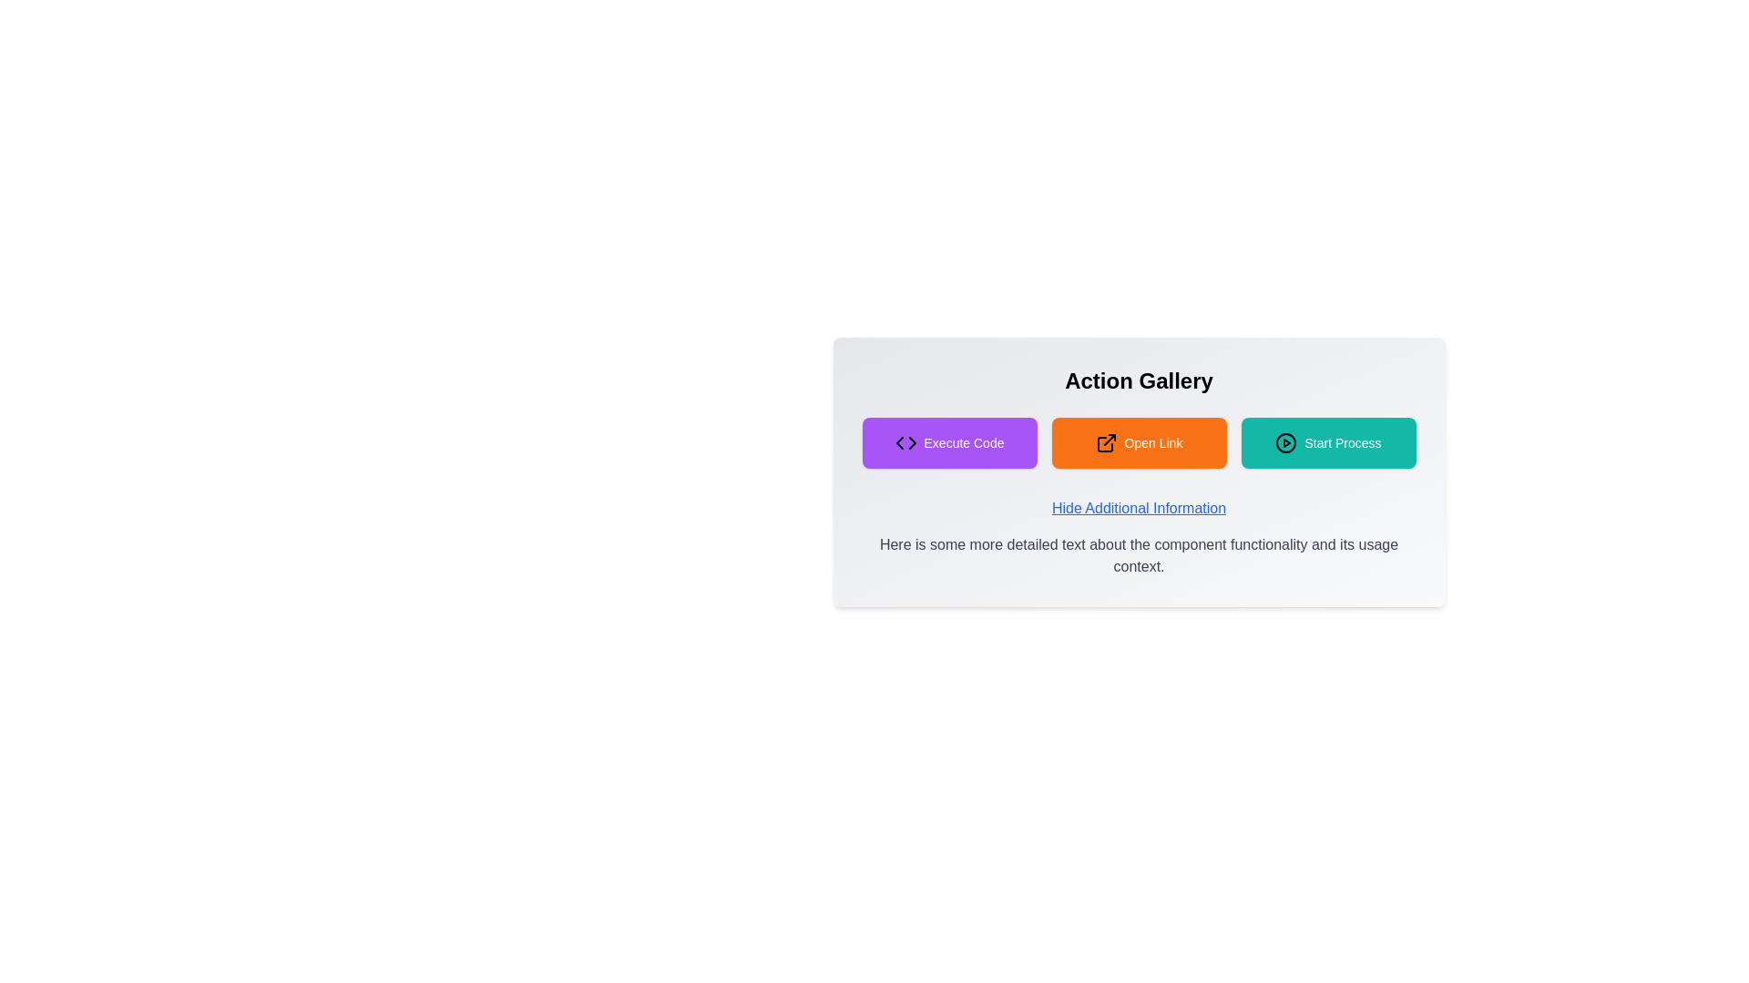  Describe the element at coordinates (905, 442) in the screenshot. I see `compact icon resembling a pair of angle brackets (< >) with a purple background, located to the left of the 'Execute Code' text in the Action Gallery` at that location.